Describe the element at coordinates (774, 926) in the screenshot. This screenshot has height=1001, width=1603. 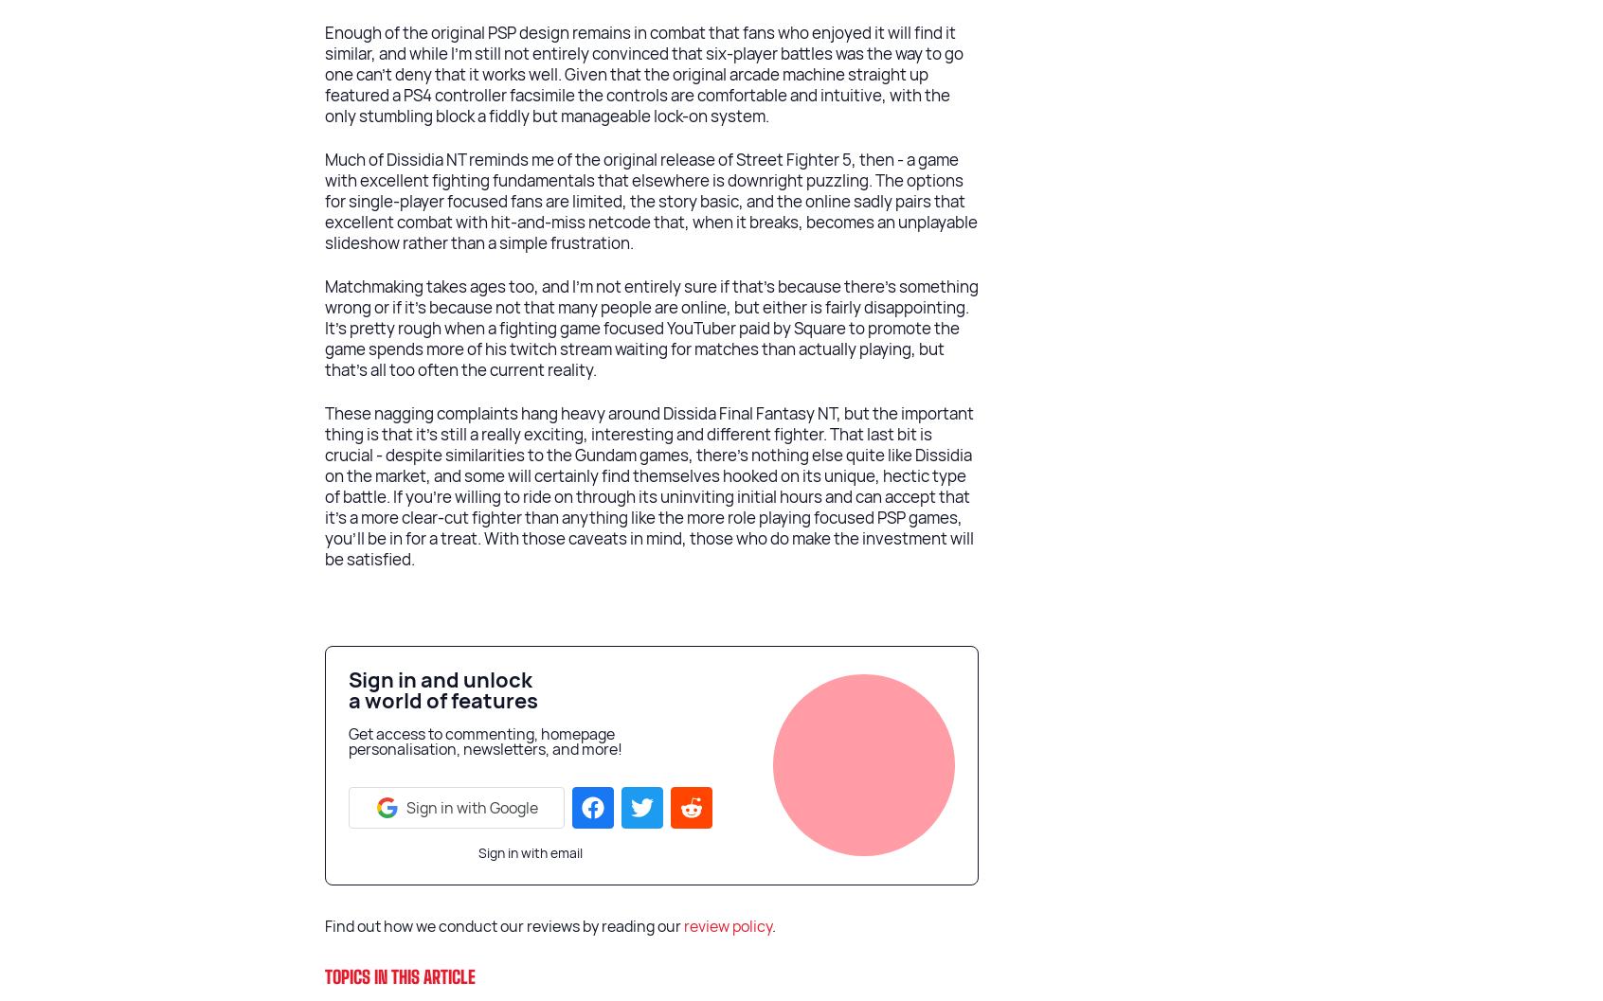
I see `'.'` at that location.